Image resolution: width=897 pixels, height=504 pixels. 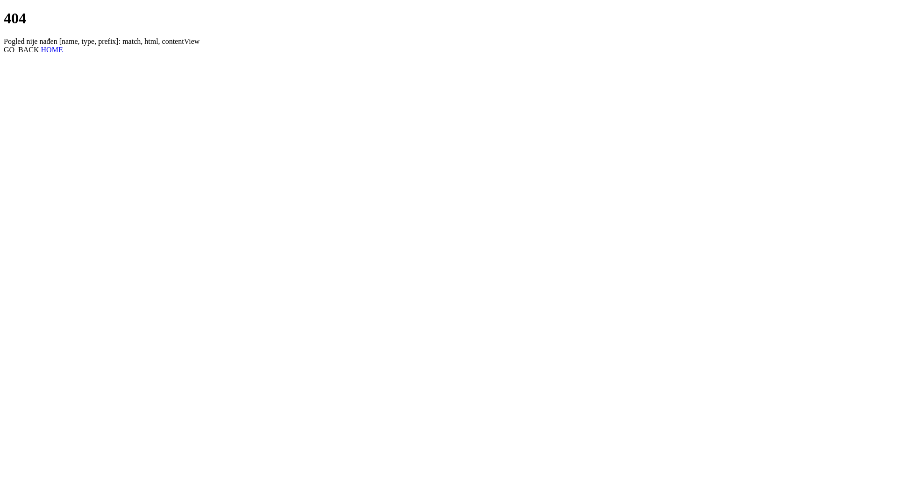 I want to click on 'HOME', so click(x=51, y=49).